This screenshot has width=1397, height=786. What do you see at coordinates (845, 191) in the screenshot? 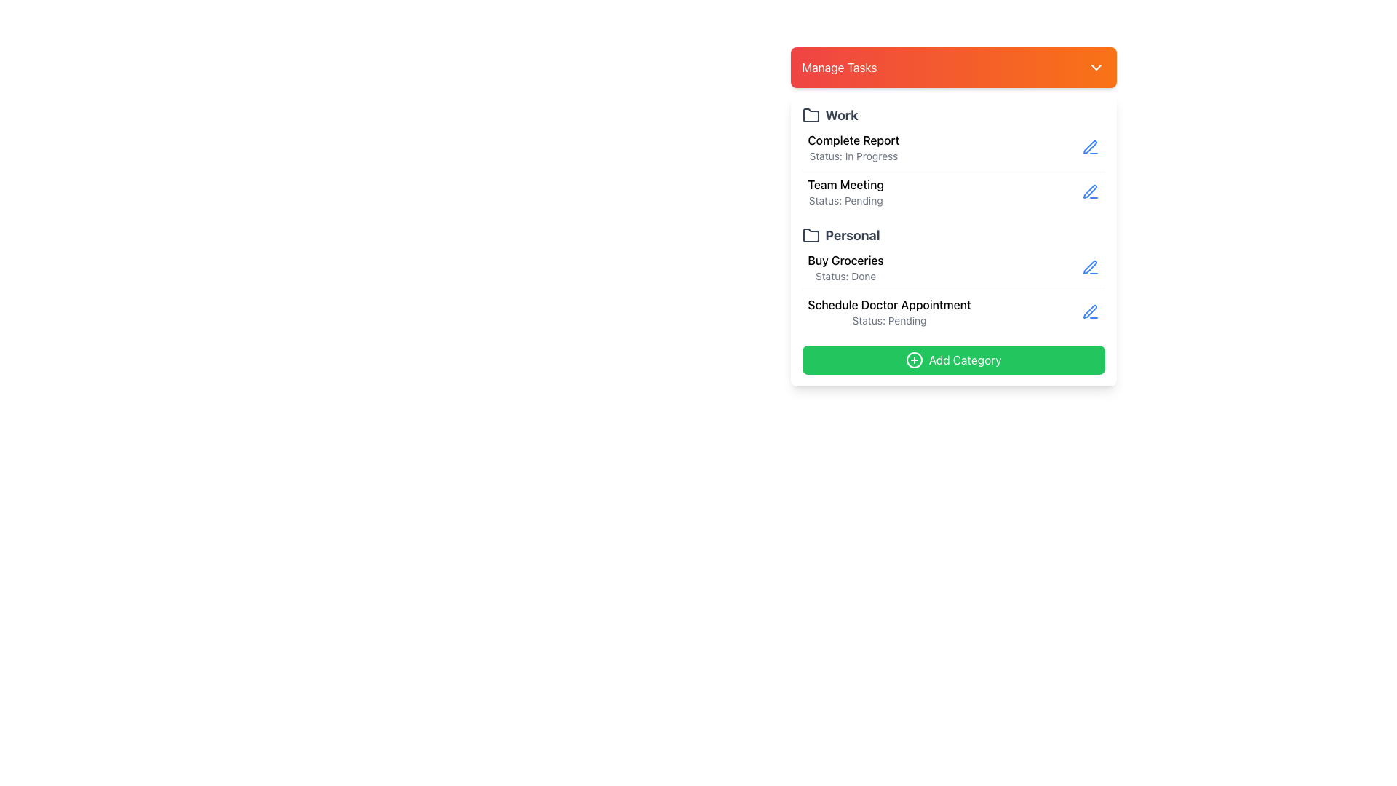
I see `displayed text of the 'Team Meeting' task label in the task management interface, which shows its status as 'Pending'` at bounding box center [845, 191].